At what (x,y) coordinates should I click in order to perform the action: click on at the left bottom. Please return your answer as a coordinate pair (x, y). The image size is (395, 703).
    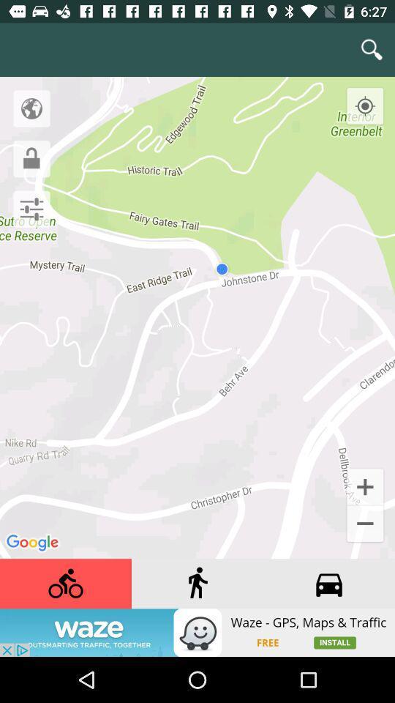
    Looking at the image, I should click on (364, 474).